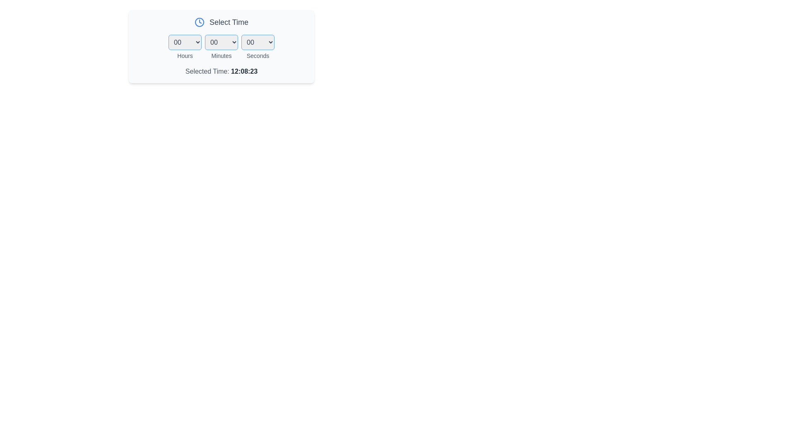 This screenshot has height=447, width=795. I want to click on the label that signifies the hour selection dropdown menu, located below the dropdown and above the selected time text, so click(184, 56).